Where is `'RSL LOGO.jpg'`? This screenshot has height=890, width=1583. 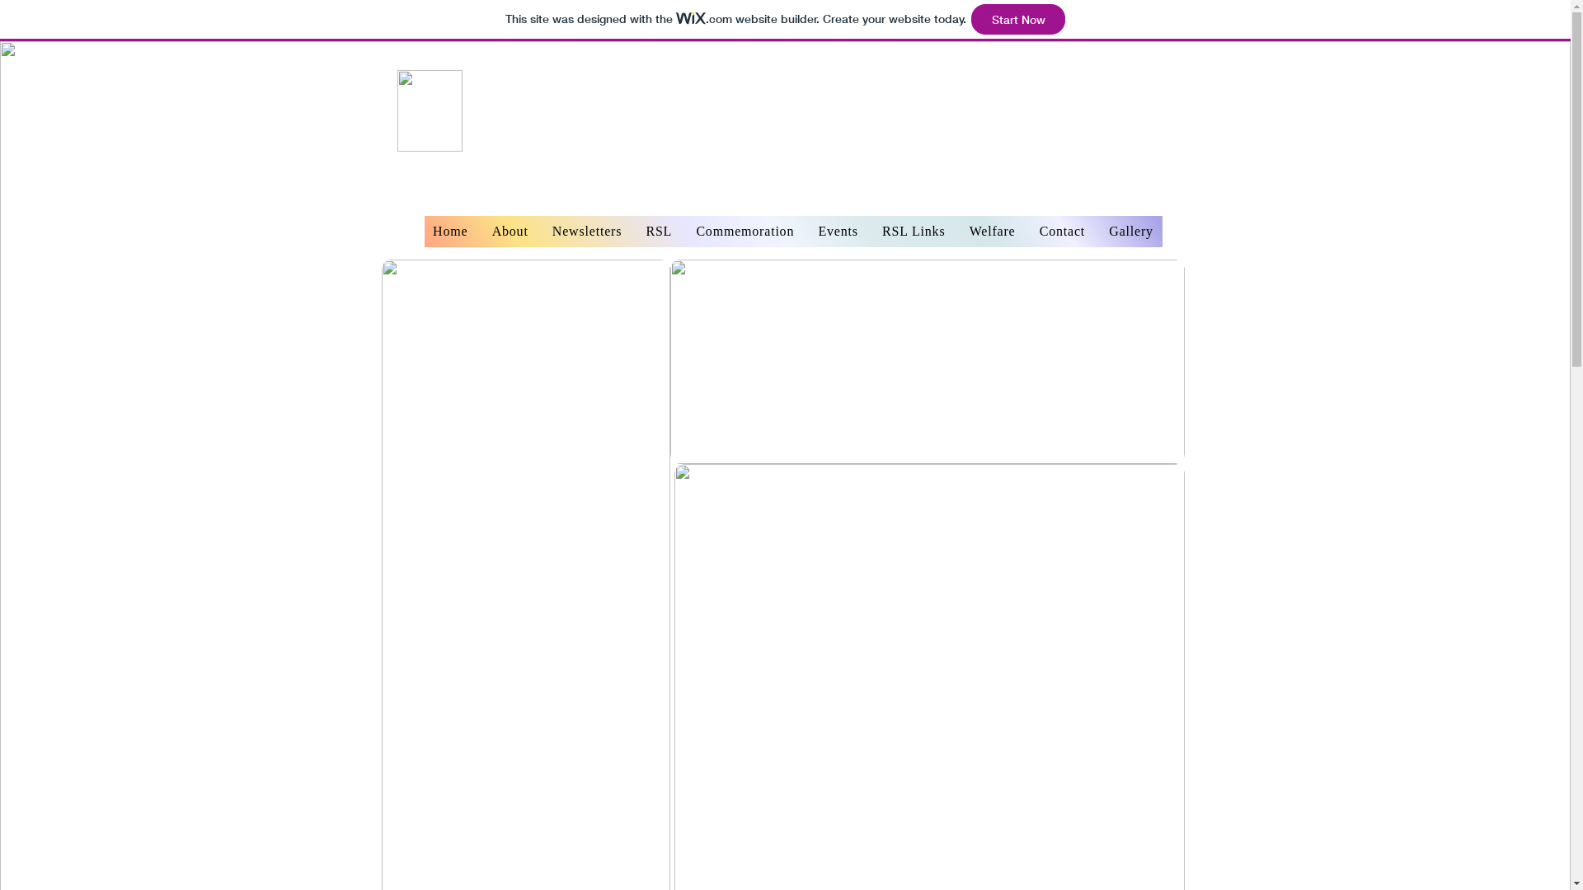 'RSL LOGO.jpg' is located at coordinates (430, 110).